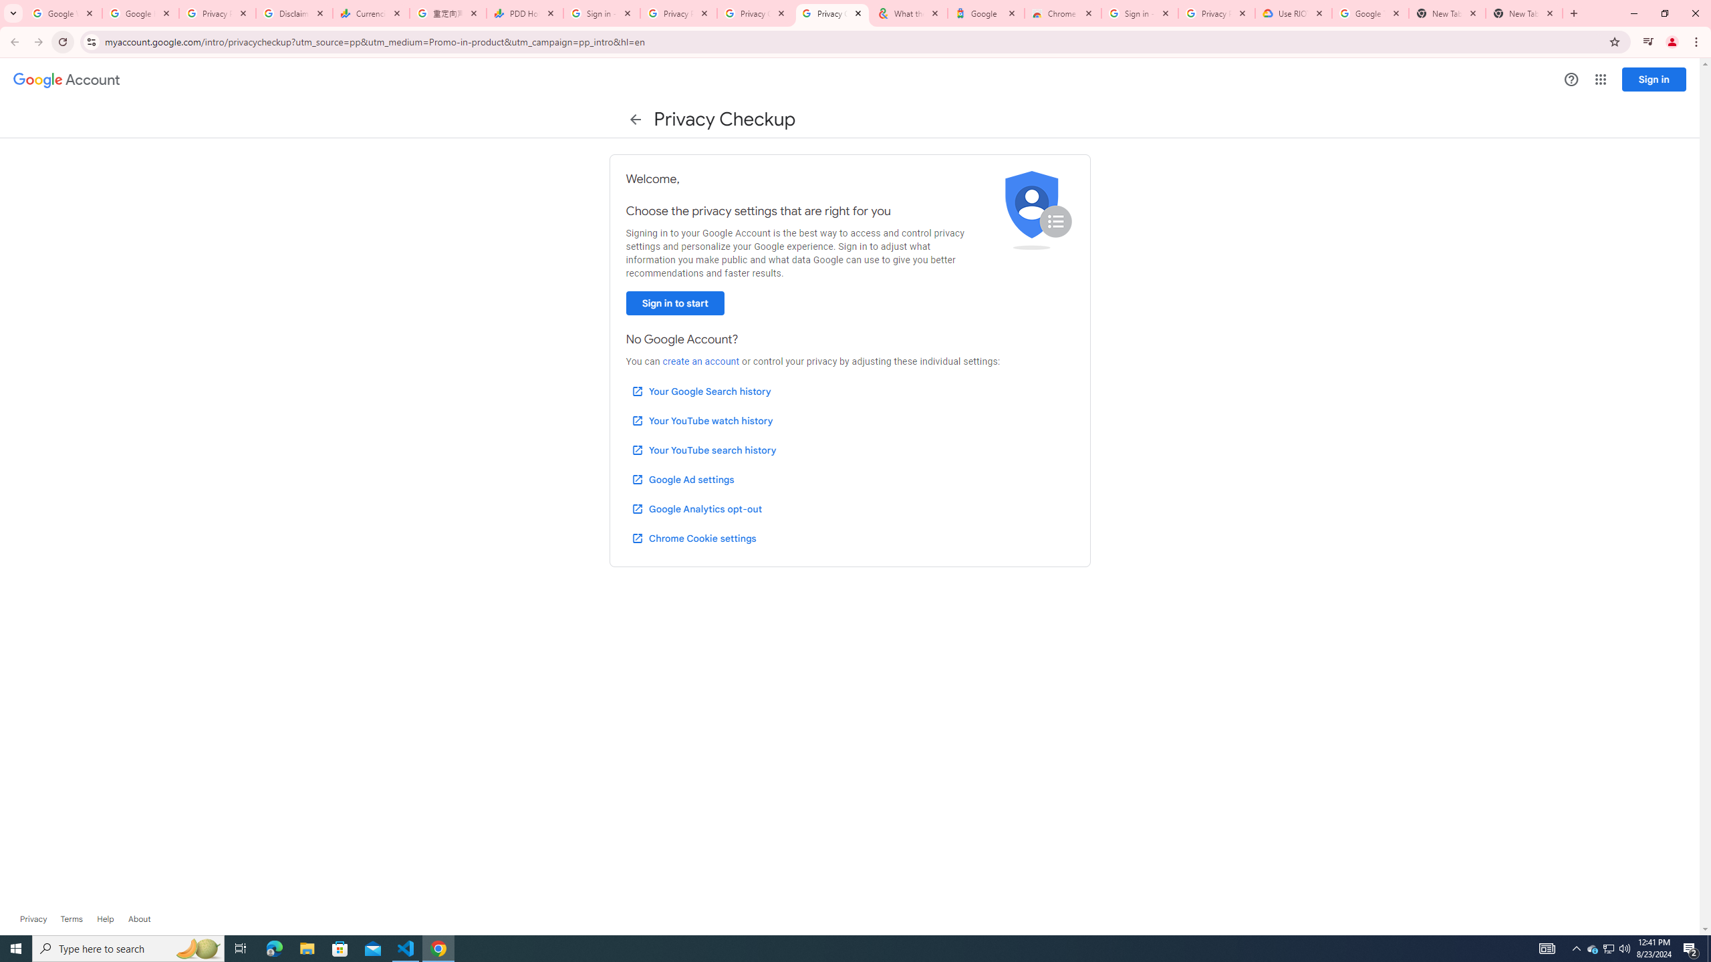  Describe the element at coordinates (695, 509) in the screenshot. I see `'Google Analytics opt-out'` at that location.